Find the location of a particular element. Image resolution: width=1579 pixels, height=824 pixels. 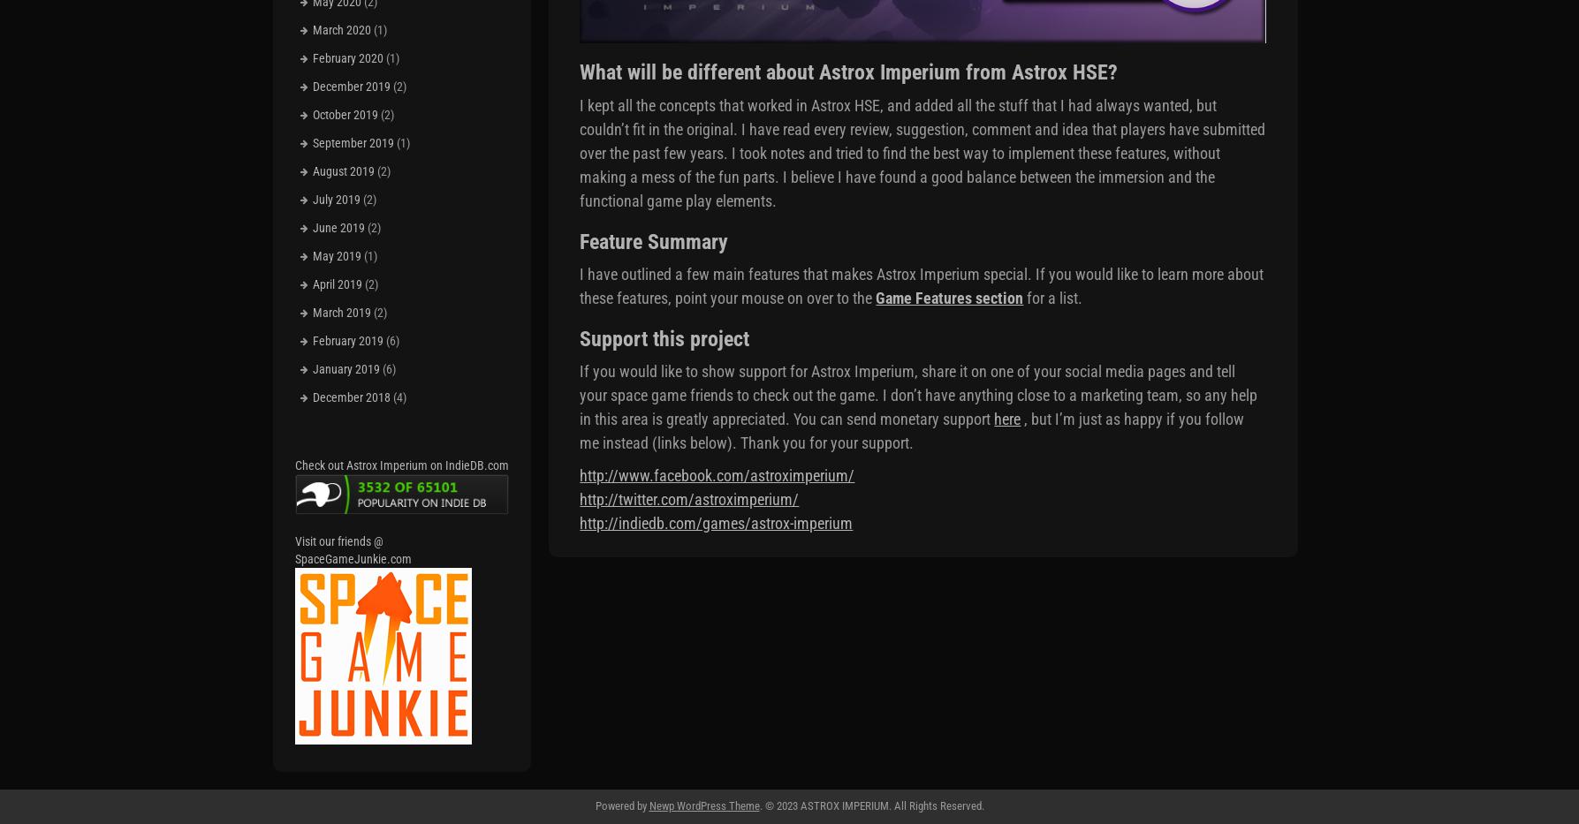

'Check out Astrox Imperium on IndieDB.com' is located at coordinates (401, 464).